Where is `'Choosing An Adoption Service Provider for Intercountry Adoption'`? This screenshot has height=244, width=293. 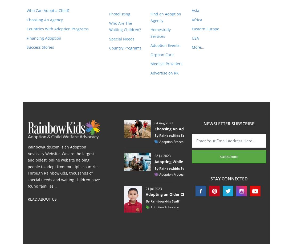 'Choosing An Adoption Service Provider for Intercountry Adoption' is located at coordinates (215, 128).